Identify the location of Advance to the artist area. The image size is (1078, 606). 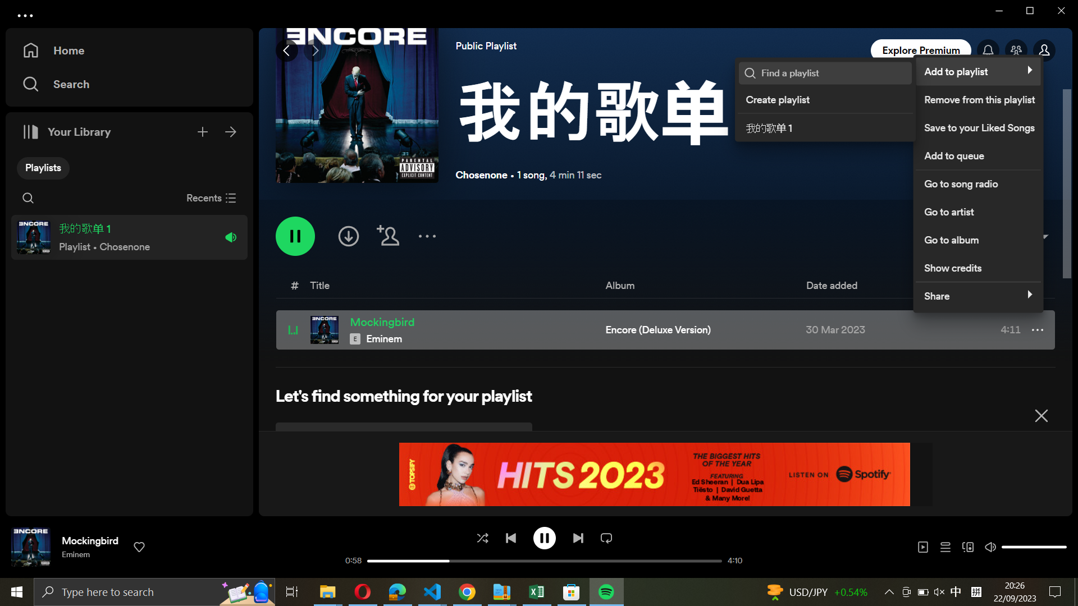
(977, 210).